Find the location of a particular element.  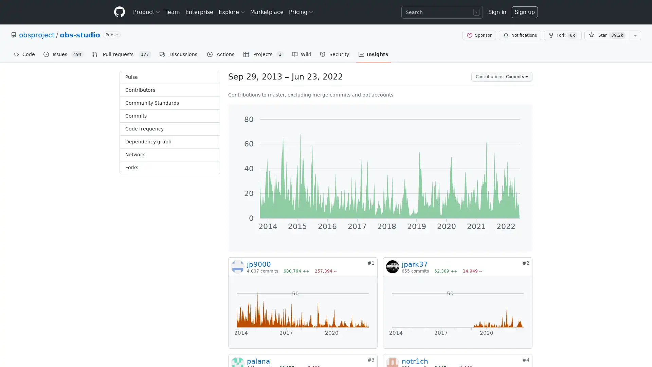

You must be signed in to add this repository to a list is located at coordinates (635, 35).